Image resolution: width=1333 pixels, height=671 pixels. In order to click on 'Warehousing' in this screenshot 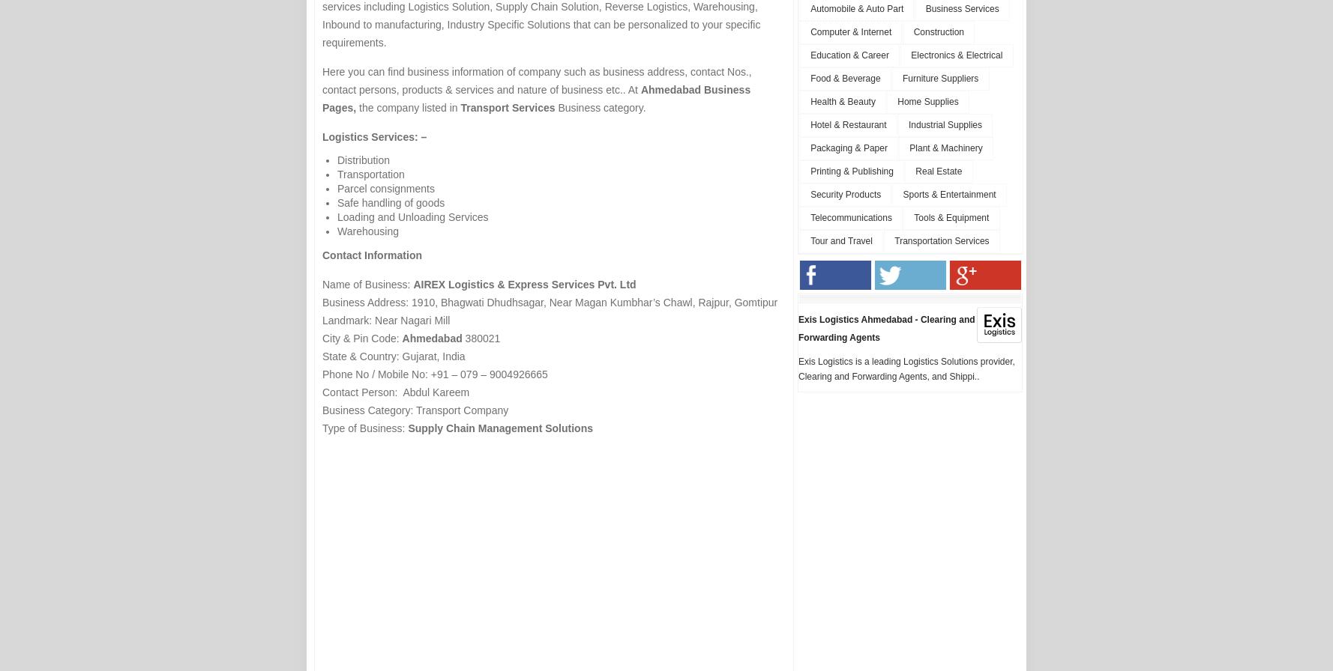, I will do `click(367, 231)`.